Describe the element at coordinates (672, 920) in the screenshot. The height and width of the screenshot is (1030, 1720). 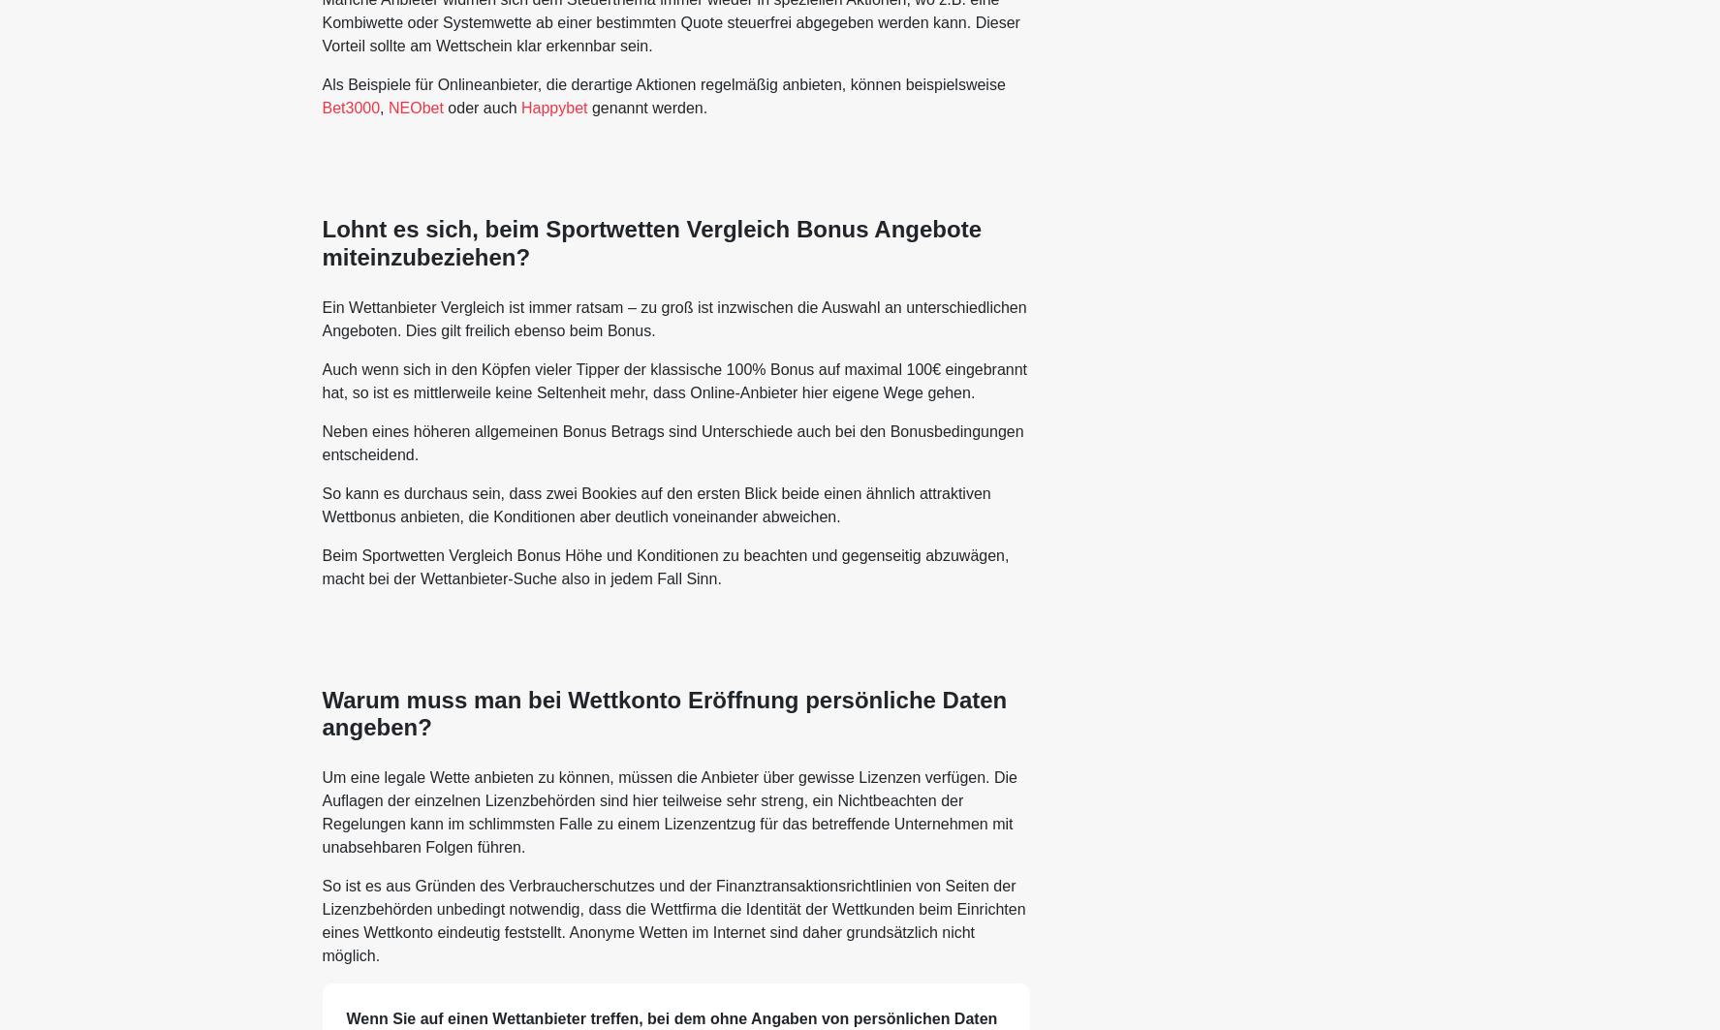
I see `'So ist es aus Gründen des Verbraucherschutzes und der Finanztransaktionsrichtlinien von Seiten der Lizenzbehörden unbedingt notwendig, dass die Wettfirma die Identität der Wettkunden beim Einrichten eines Wettkonto eindeutig feststellt. Anonyme Wetten im Internet sind daher grundsätzlich nicht möglich.'` at that location.